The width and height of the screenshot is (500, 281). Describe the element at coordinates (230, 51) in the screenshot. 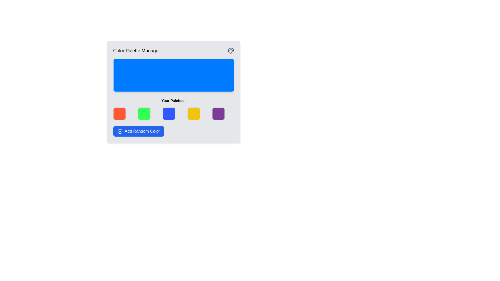

I see `the compact painter's palette icon with a 'text-gray-600' color located in the top-right corner of the 'Color Palette Manager' section` at that location.